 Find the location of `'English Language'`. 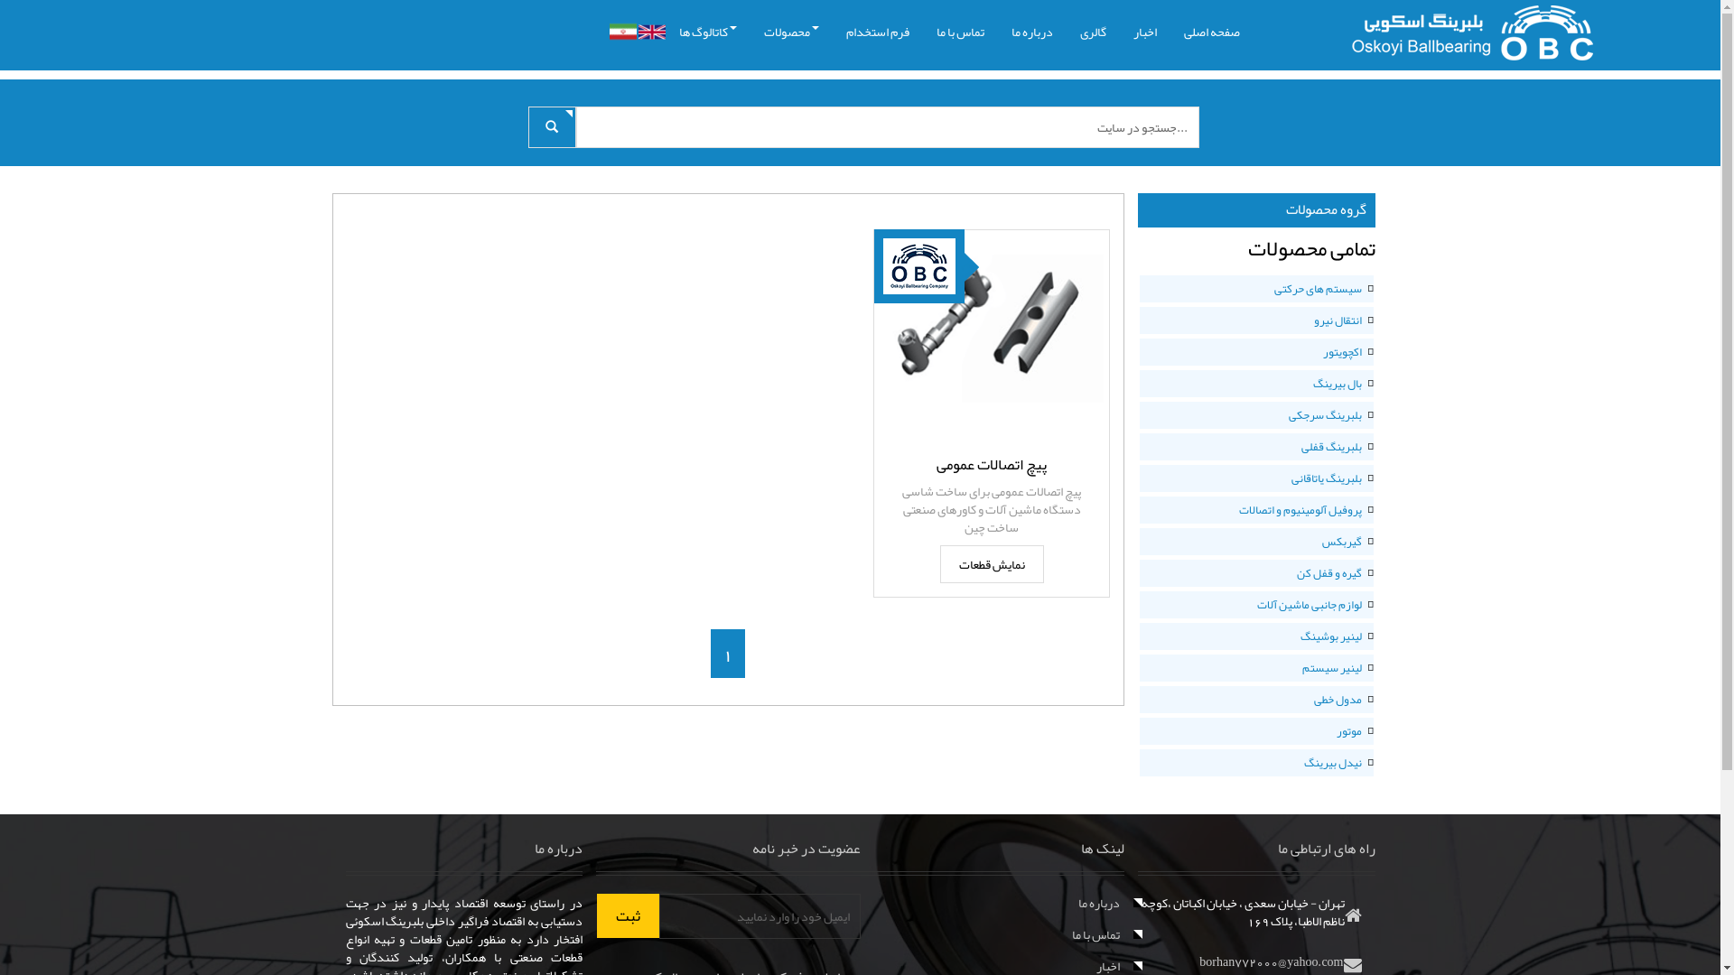

'English Language' is located at coordinates (650, 32).